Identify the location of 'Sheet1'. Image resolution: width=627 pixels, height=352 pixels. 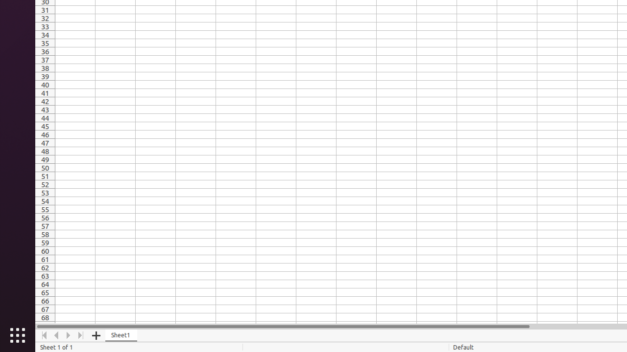
(121, 335).